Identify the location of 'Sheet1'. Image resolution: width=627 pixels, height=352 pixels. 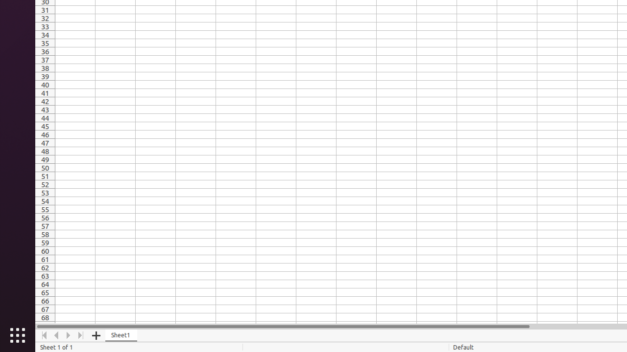
(121, 335).